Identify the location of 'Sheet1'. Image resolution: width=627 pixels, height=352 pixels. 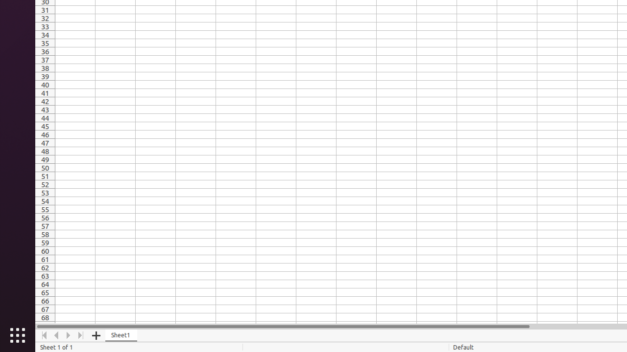
(121, 335).